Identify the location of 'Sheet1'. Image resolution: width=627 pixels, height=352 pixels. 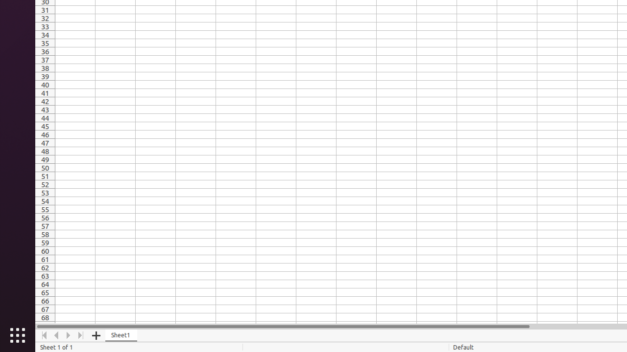
(121, 335).